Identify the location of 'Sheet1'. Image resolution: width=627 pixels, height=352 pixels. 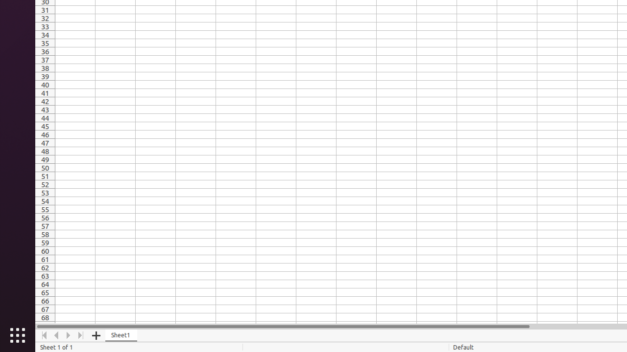
(121, 335).